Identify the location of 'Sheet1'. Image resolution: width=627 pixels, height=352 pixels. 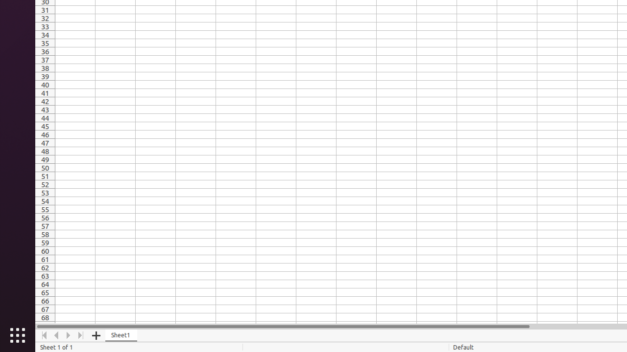
(121, 335).